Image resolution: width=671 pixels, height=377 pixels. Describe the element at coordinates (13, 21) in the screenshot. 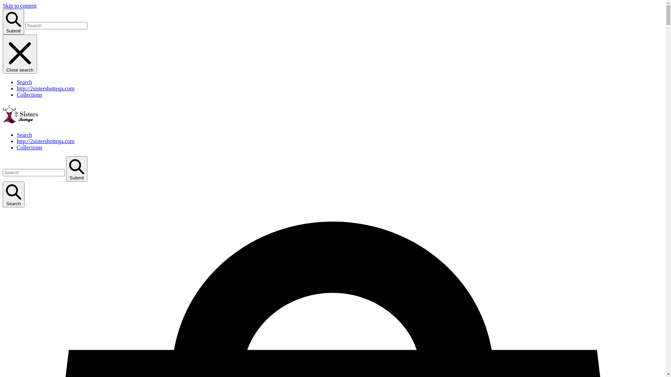

I see `'Submit'` at that location.